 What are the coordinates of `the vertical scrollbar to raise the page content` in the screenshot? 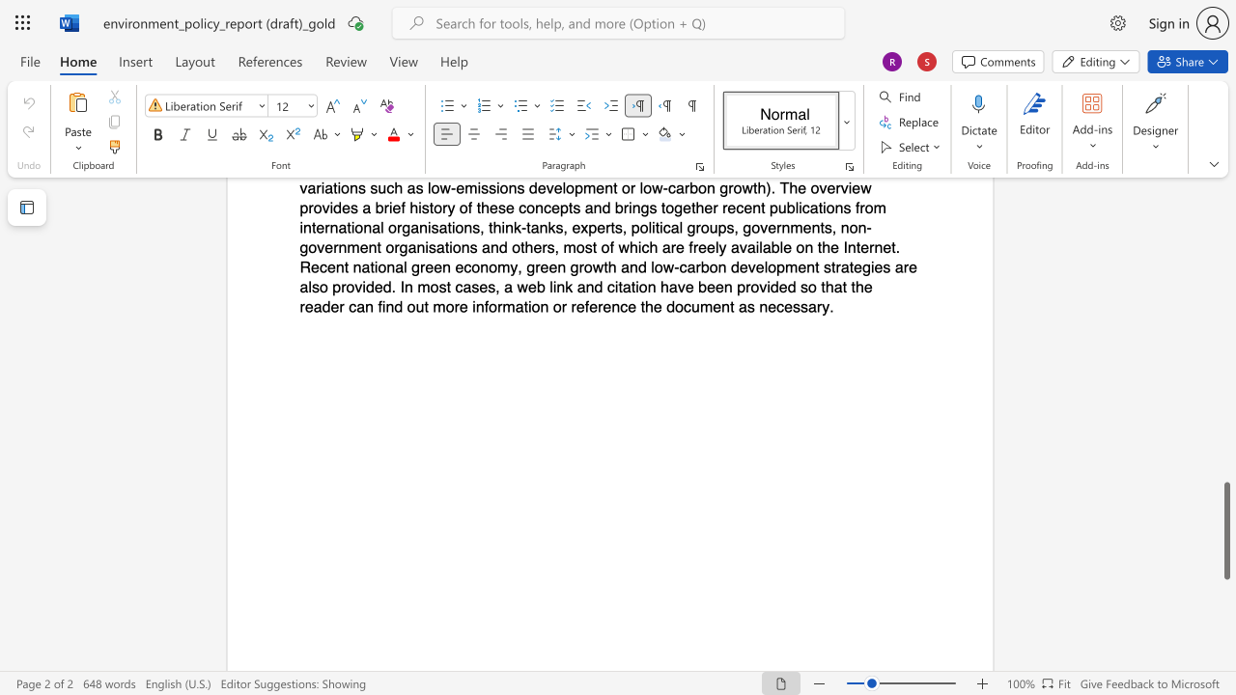 It's located at (1225, 376).